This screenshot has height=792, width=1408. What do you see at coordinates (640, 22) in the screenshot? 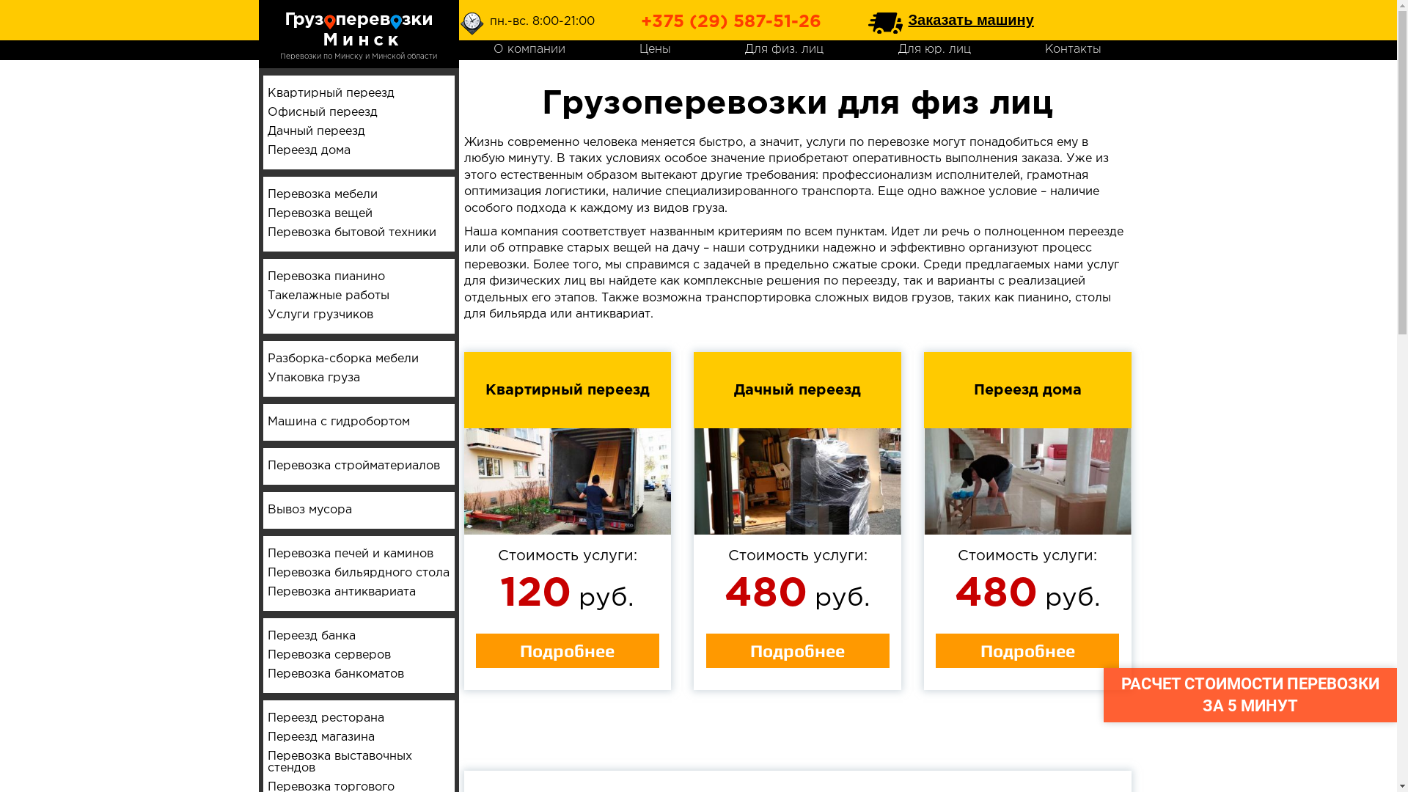
I see `'+375 (29) 587-51-26'` at bounding box center [640, 22].